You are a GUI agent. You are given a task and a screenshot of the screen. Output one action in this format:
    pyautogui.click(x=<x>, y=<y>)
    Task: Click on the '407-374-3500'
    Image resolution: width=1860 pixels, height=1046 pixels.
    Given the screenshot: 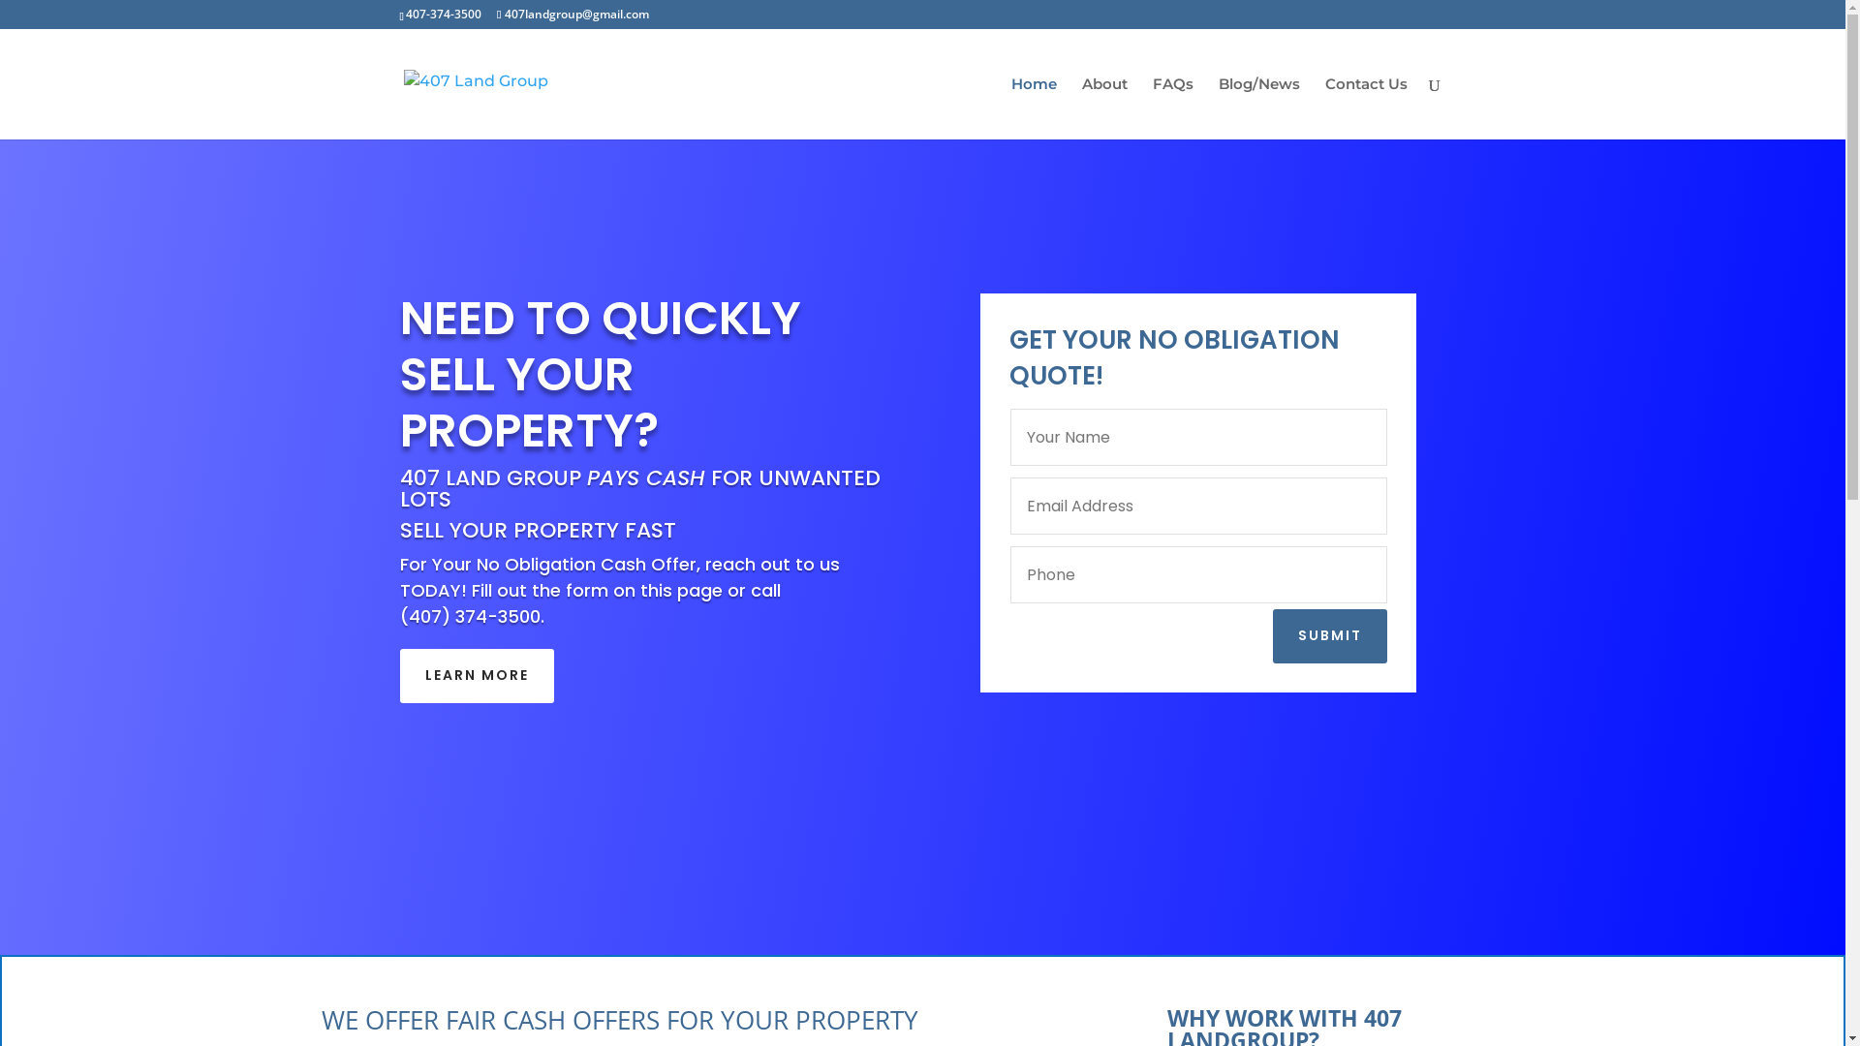 What is the action you would take?
    pyautogui.click(x=404, y=14)
    